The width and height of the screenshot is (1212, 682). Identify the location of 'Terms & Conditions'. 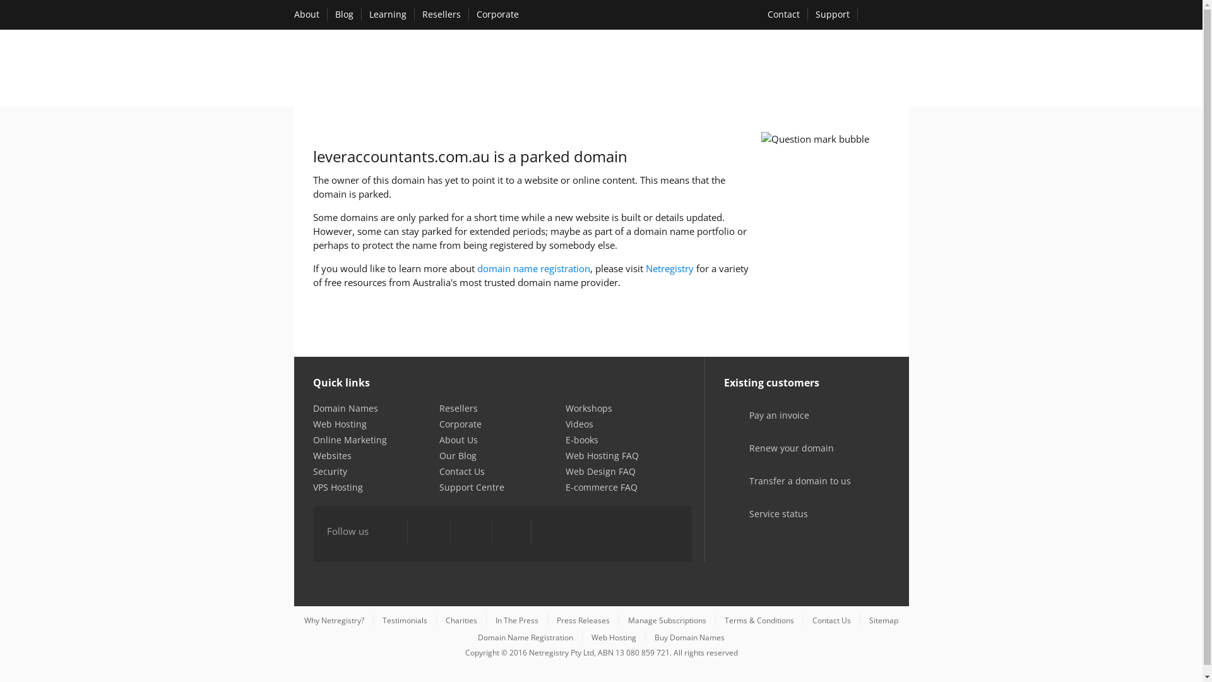
(759, 619).